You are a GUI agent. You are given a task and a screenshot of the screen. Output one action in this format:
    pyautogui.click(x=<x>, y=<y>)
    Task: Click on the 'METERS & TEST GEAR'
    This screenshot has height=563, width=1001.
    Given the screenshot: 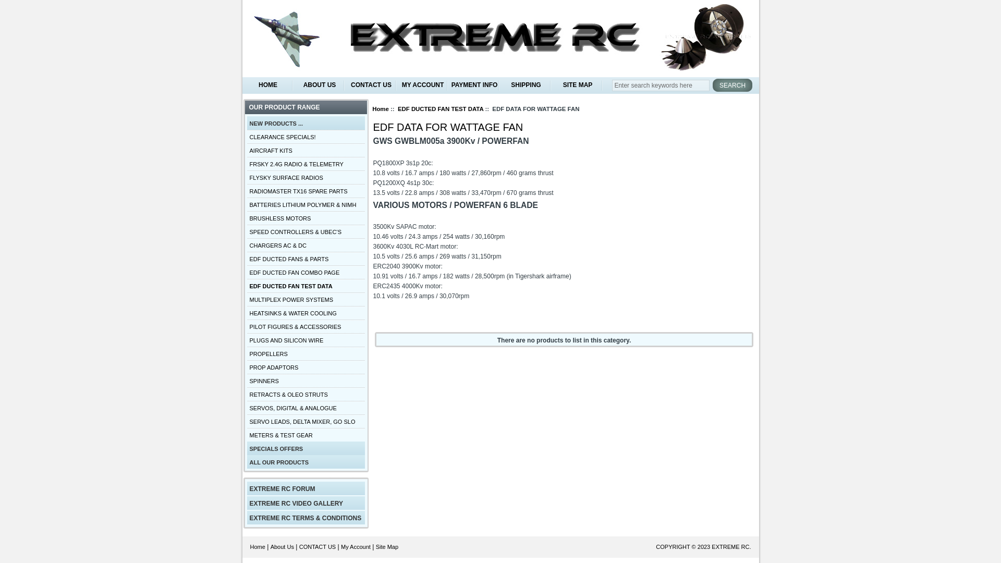 What is the action you would take?
    pyautogui.click(x=305, y=434)
    